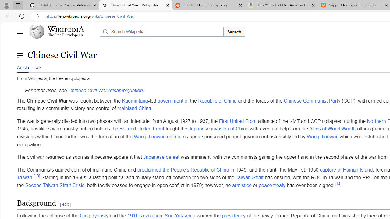 This screenshot has width=390, height=219. Describe the element at coordinates (55, 185) in the screenshot. I see `'Second Taiwan Strait Crisis'` at that location.